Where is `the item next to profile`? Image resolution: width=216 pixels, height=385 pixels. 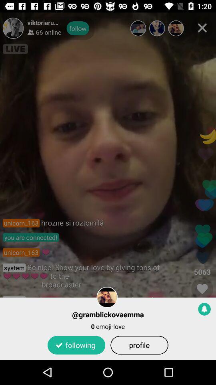
the item next to profile is located at coordinates (76, 344).